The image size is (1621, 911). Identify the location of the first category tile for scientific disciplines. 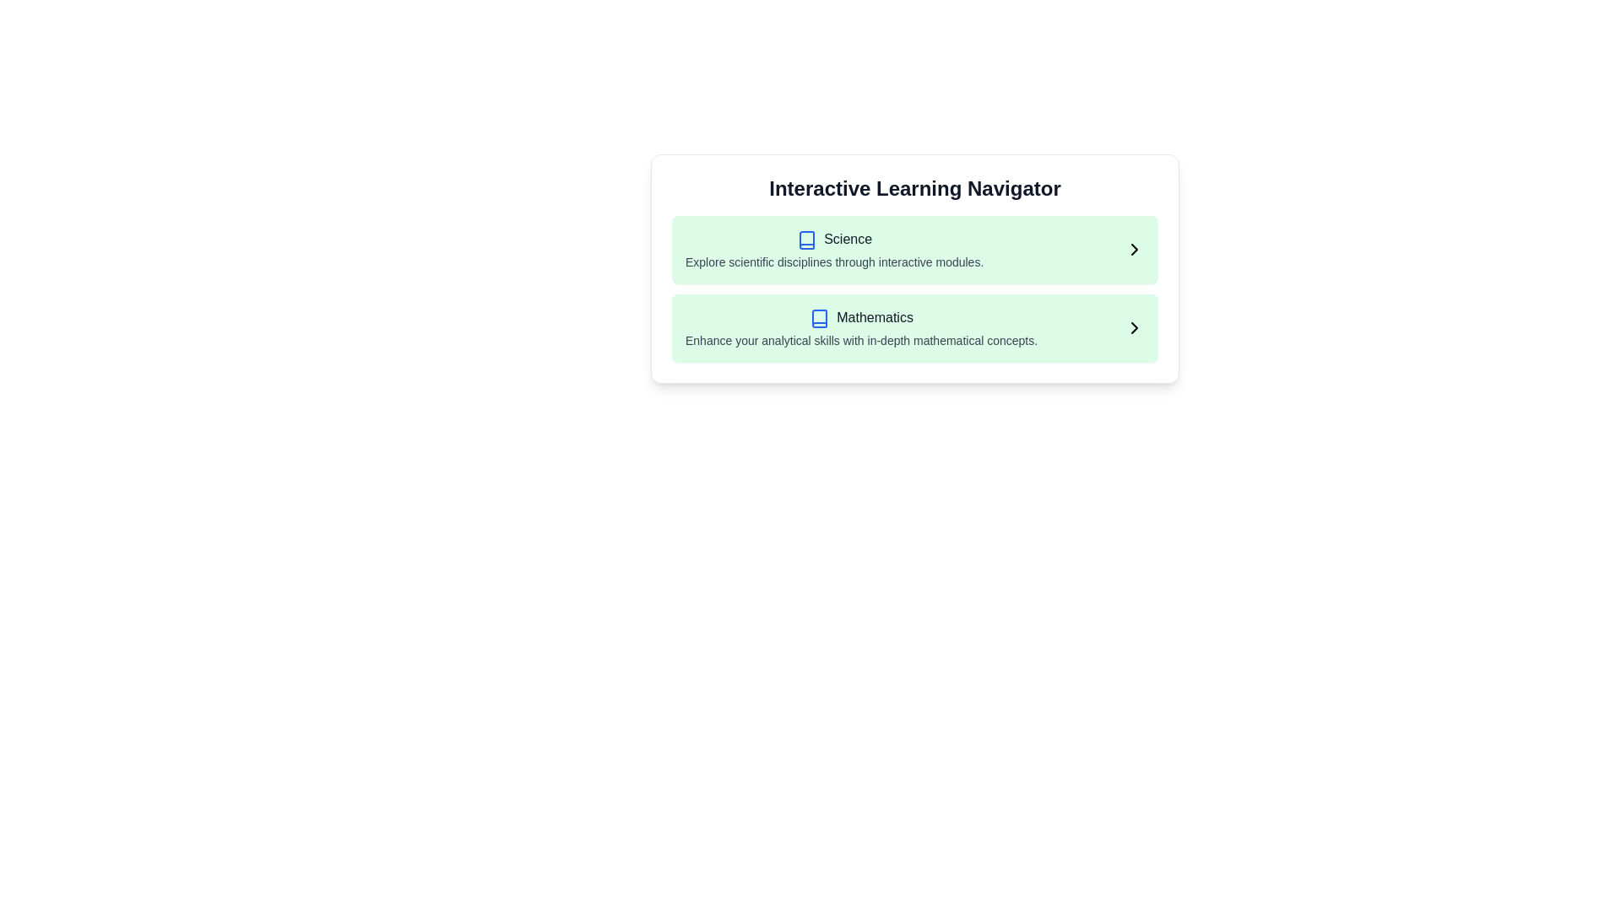
(914, 250).